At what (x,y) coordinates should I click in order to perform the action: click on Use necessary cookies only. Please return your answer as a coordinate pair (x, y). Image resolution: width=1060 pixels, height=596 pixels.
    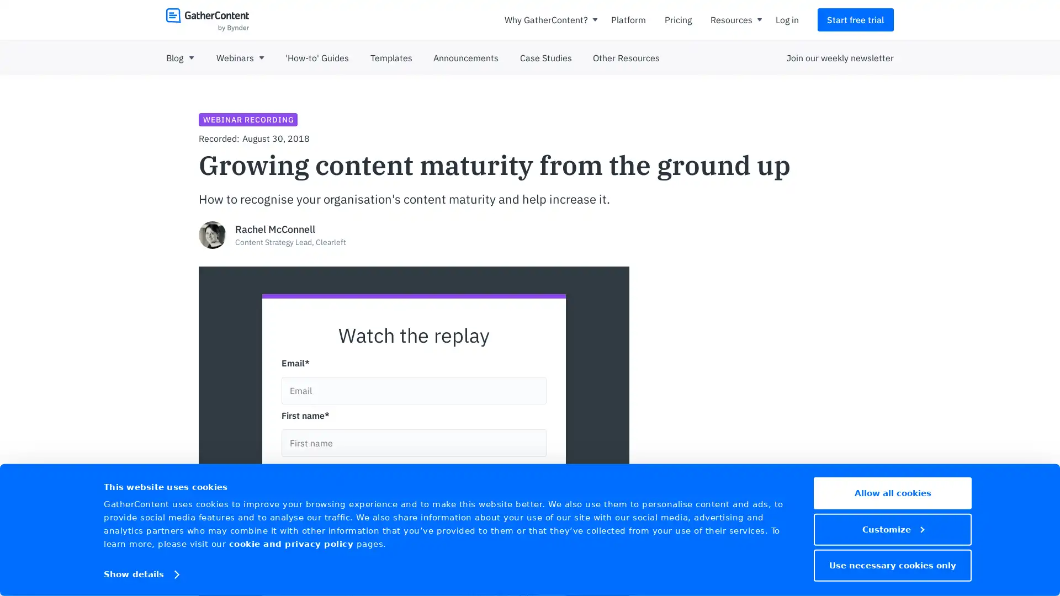
    Looking at the image, I should click on (893, 565).